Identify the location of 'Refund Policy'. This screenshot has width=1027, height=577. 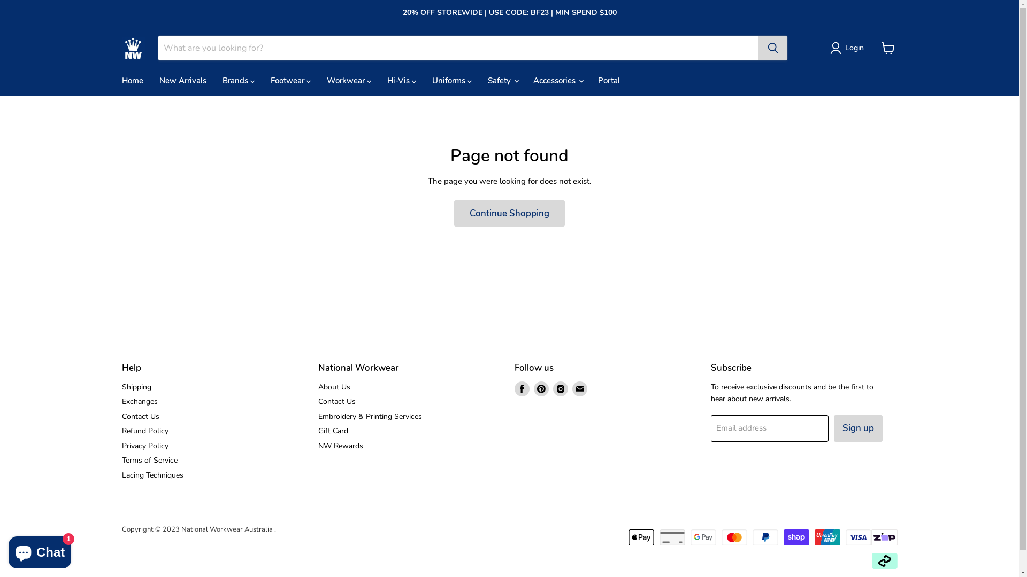
(144, 430).